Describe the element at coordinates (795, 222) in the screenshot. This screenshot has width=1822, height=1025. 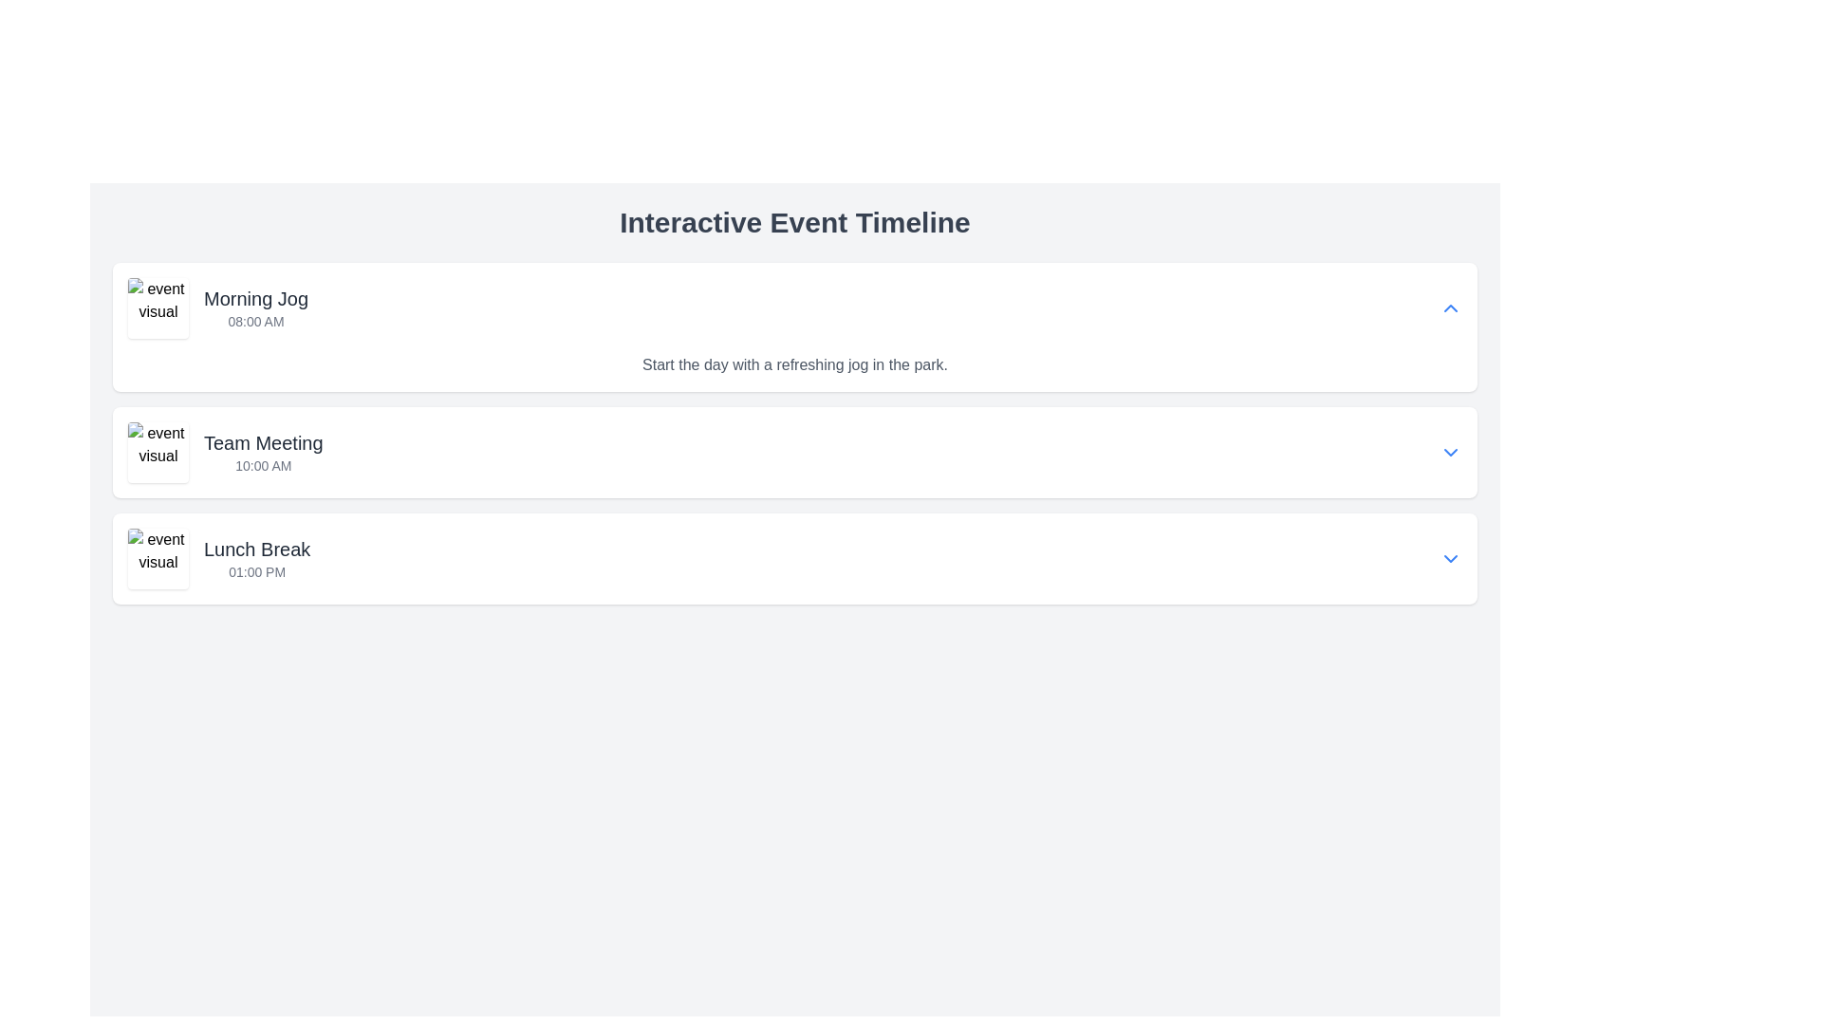
I see `the large header text 'Interactive Event Timeline' which is styled in bold gray font and is positioned at the top of the interface, above other content` at that location.